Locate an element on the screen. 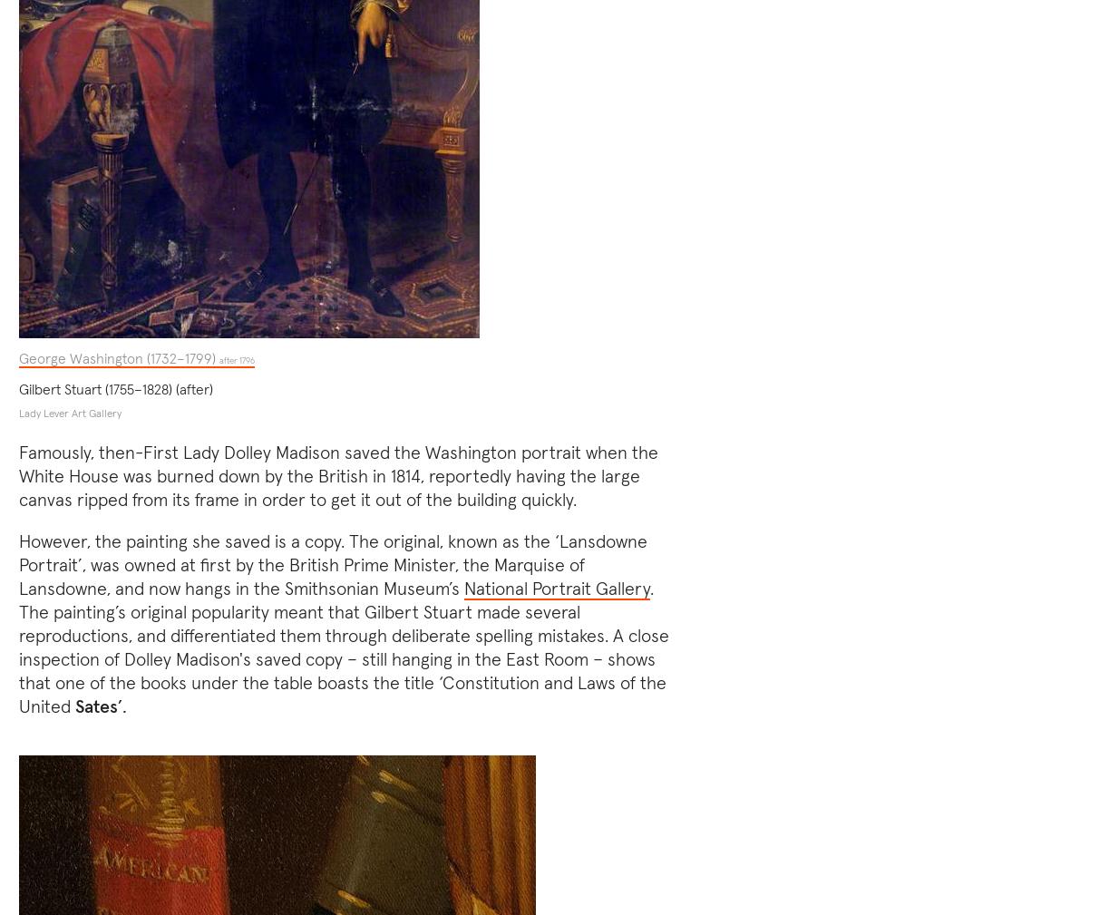 The image size is (1099, 915). 'Subscribe to newsletter' is located at coordinates (608, 767).